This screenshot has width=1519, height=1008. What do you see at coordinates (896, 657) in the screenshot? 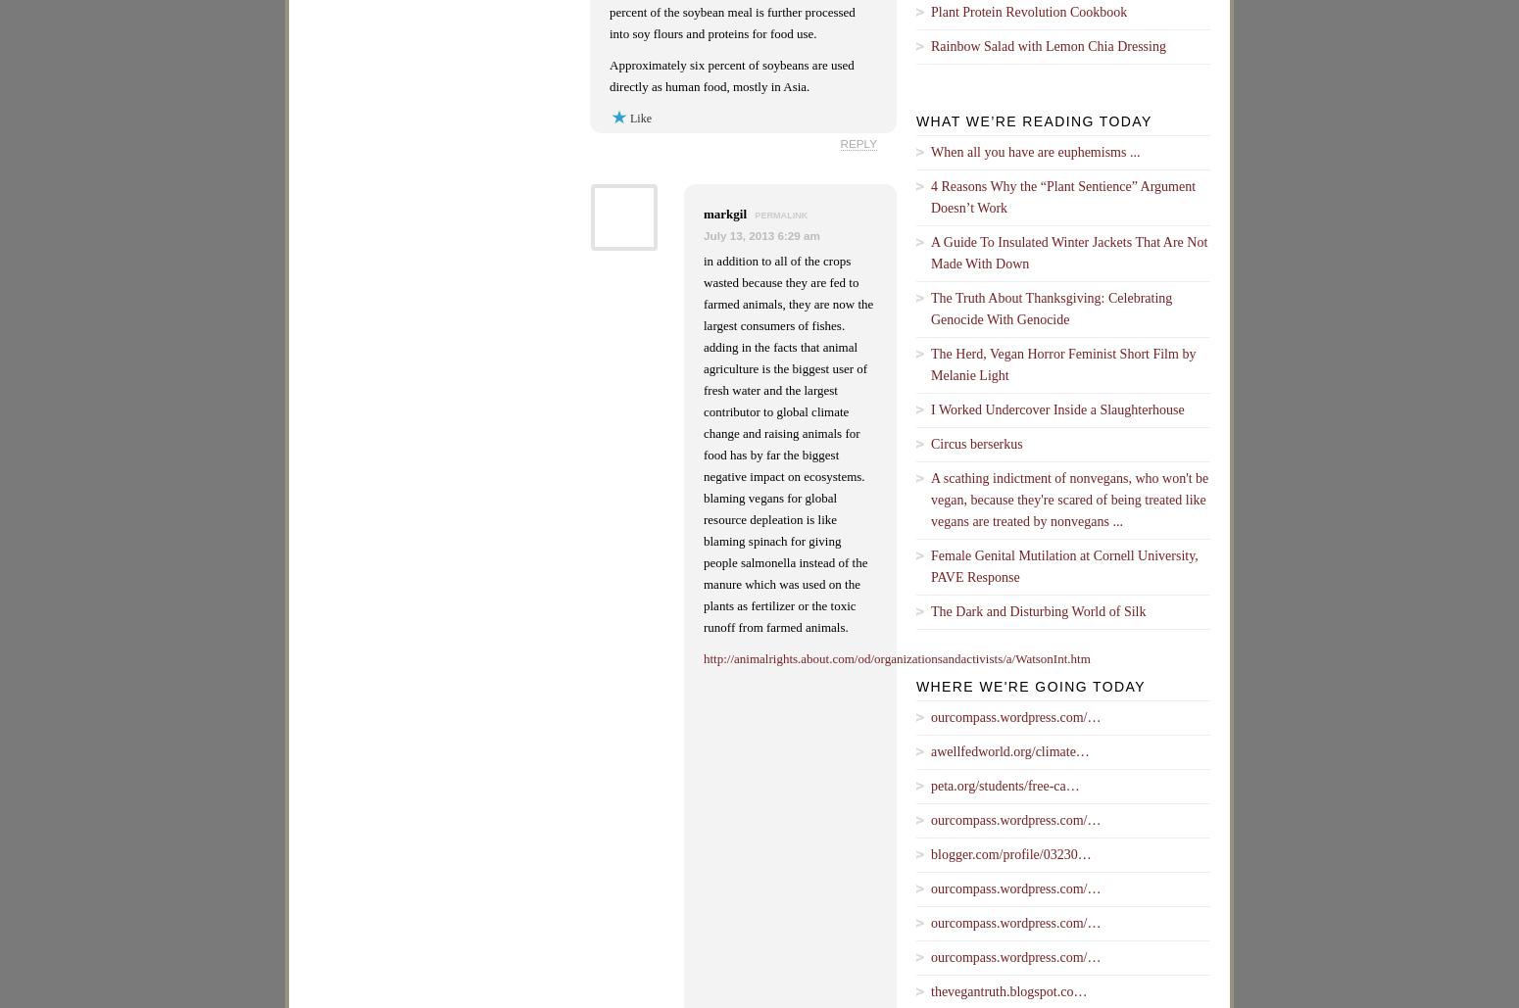
I see `'http://animalrights.about.com/od/organizationsandactivists/a/WatsonInt.htm'` at bounding box center [896, 657].